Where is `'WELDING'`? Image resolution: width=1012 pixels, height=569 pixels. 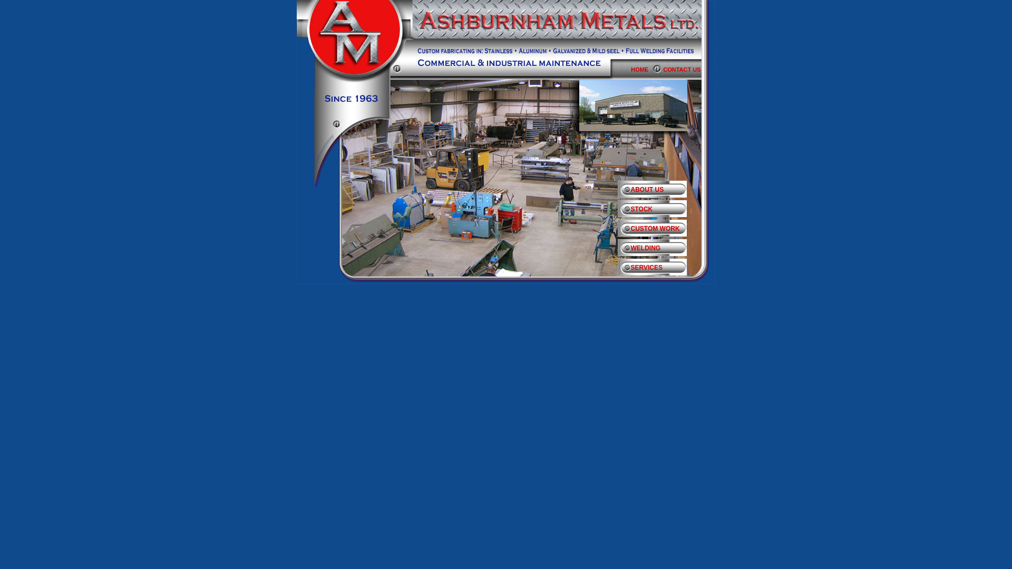
'WELDING' is located at coordinates (658, 250).